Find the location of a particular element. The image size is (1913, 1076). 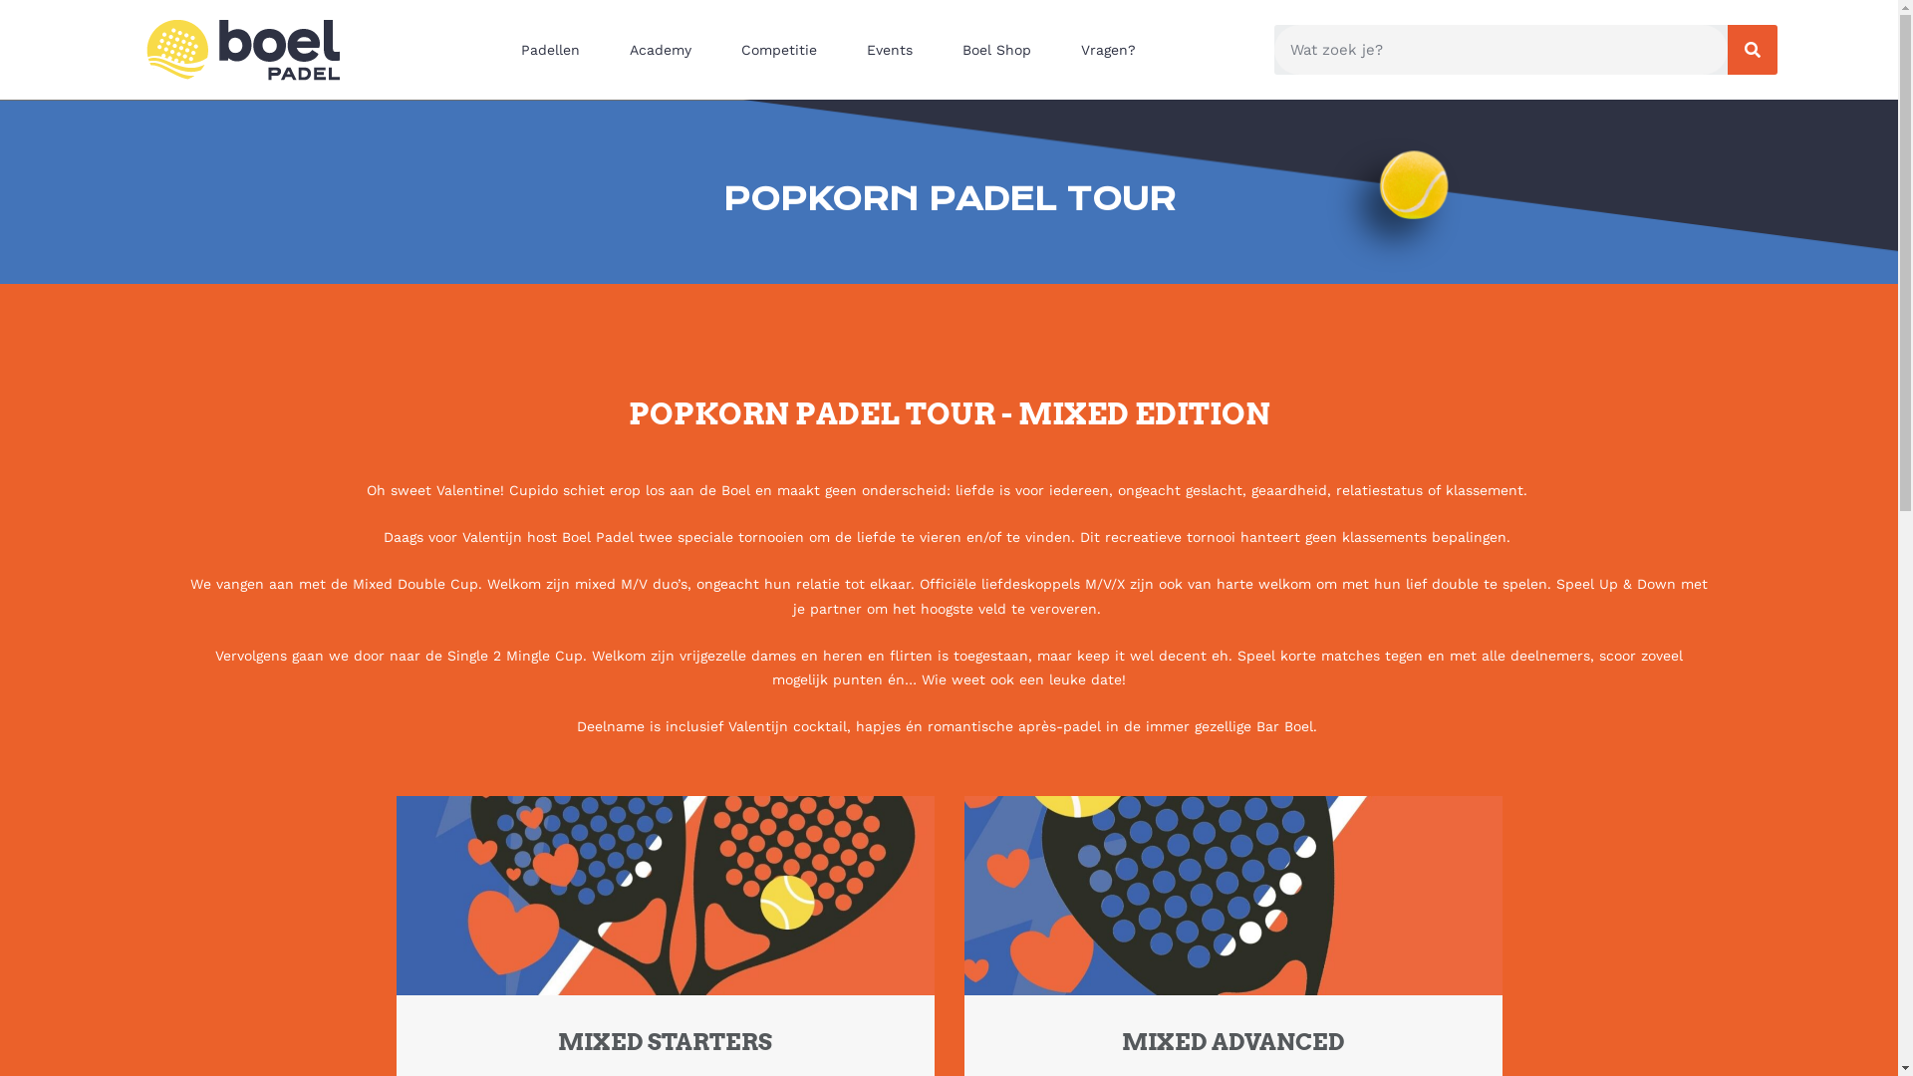

'Competitie' is located at coordinates (720, 49).